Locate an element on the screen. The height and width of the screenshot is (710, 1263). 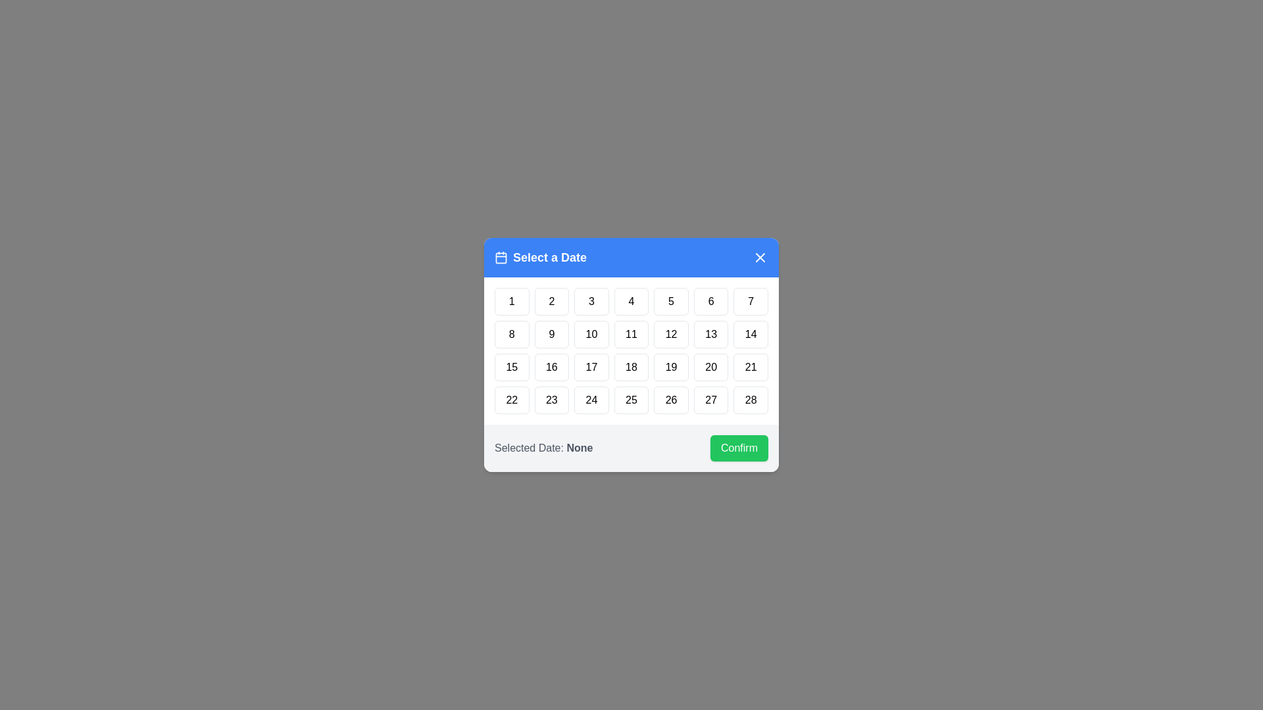
the day button labeled 18 to highlight it is located at coordinates (631, 367).